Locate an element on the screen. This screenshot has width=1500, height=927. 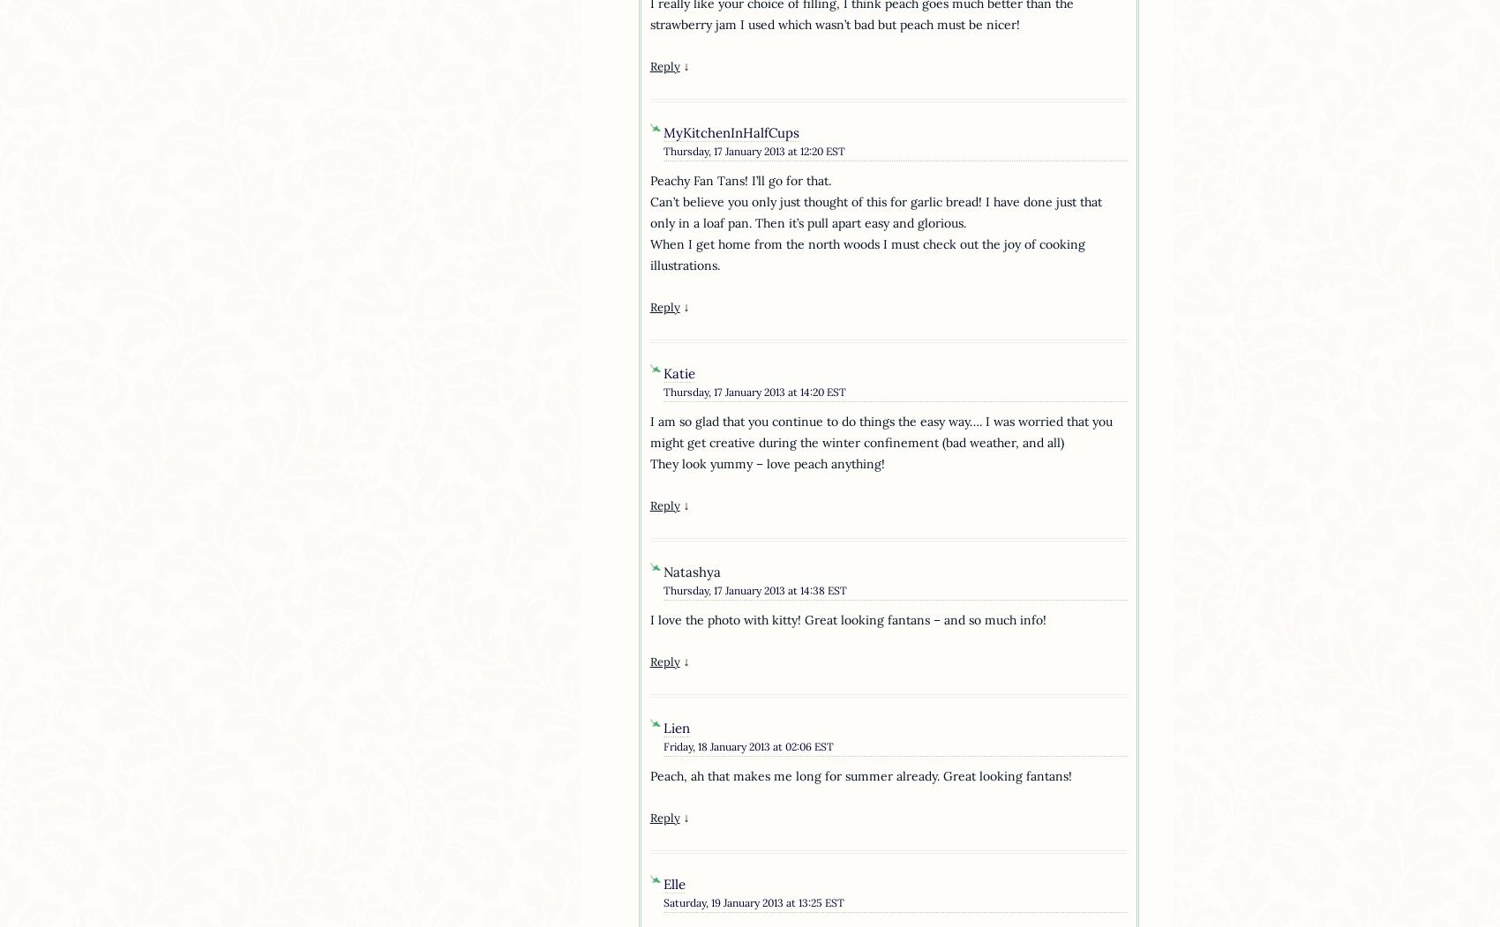
'Thursday, 17 January 2013 at 12:20 EST' is located at coordinates (754, 150).